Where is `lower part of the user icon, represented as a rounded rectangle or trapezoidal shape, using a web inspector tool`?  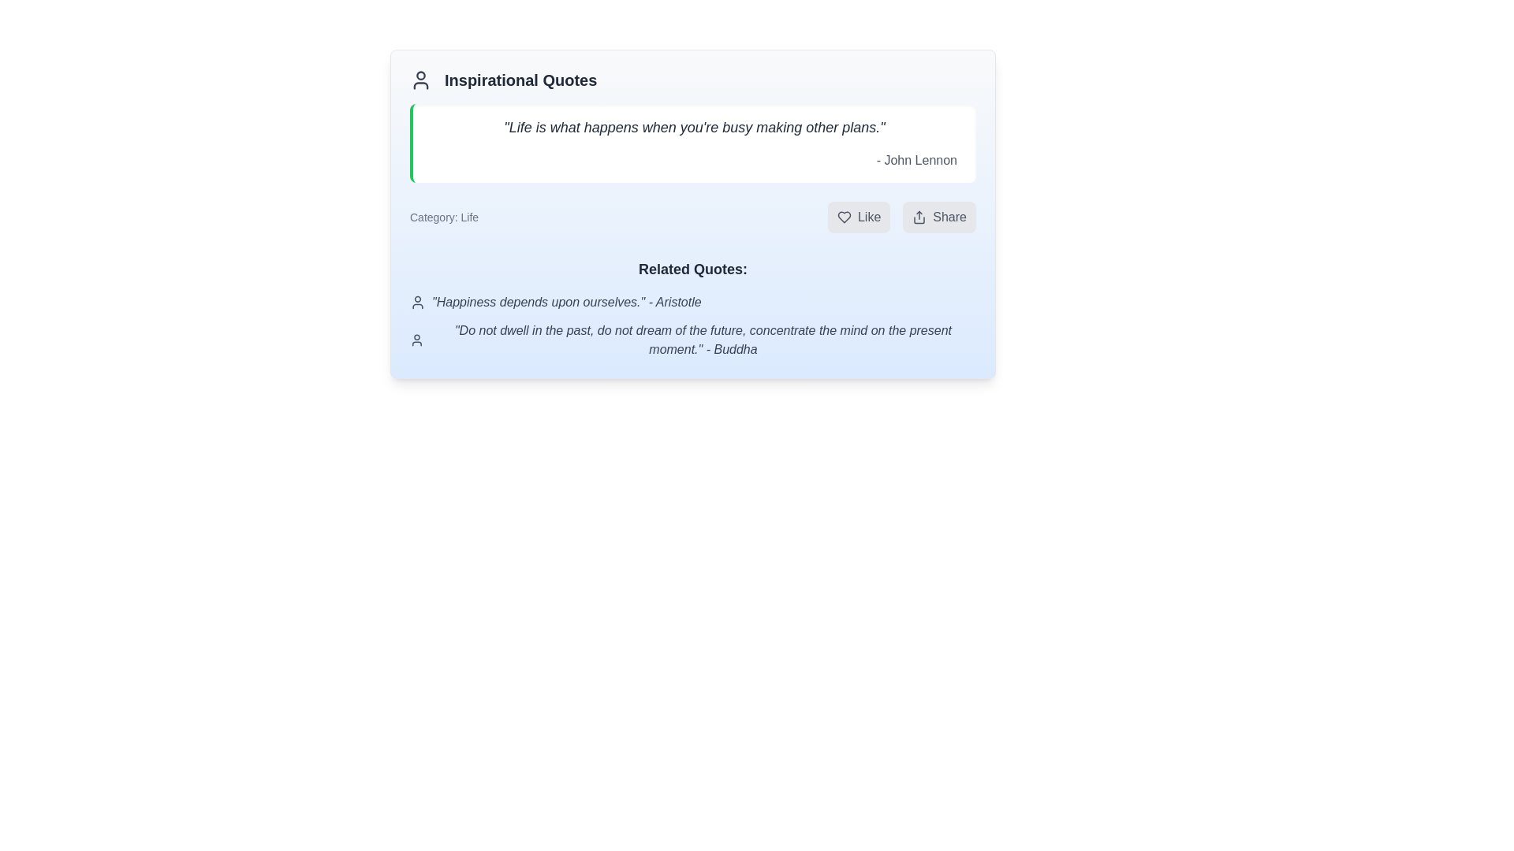
lower part of the user icon, represented as a rounded rectangle or trapezoidal shape, using a web inspector tool is located at coordinates (420, 85).